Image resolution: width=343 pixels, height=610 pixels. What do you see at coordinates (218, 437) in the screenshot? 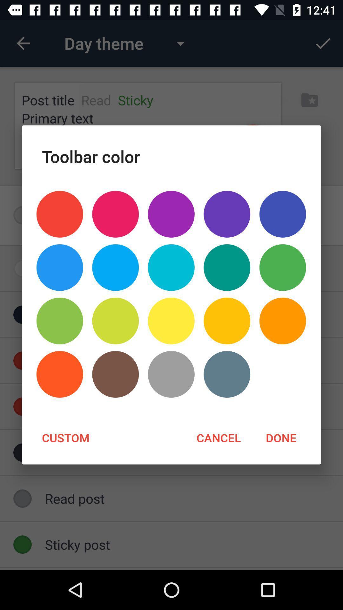
I see `the cancel icon` at bounding box center [218, 437].